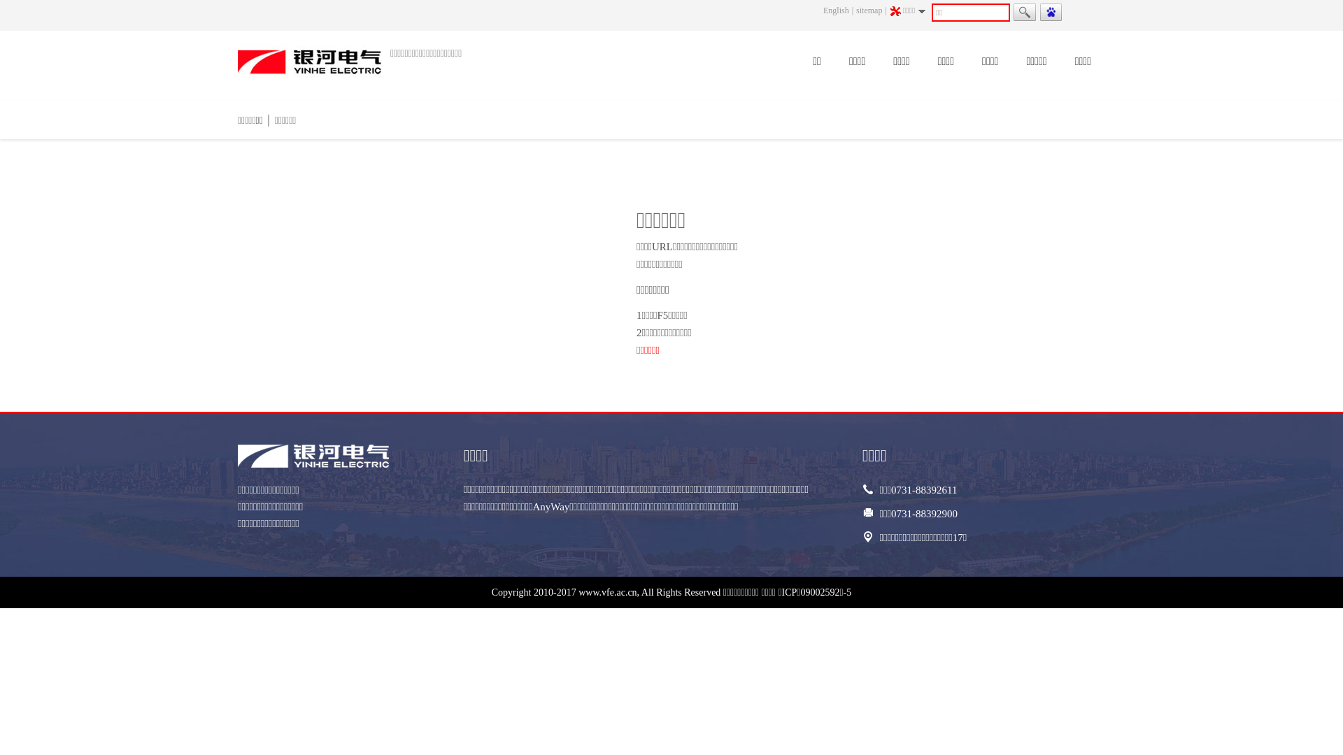  Describe the element at coordinates (836, 10) in the screenshot. I see `'English'` at that location.